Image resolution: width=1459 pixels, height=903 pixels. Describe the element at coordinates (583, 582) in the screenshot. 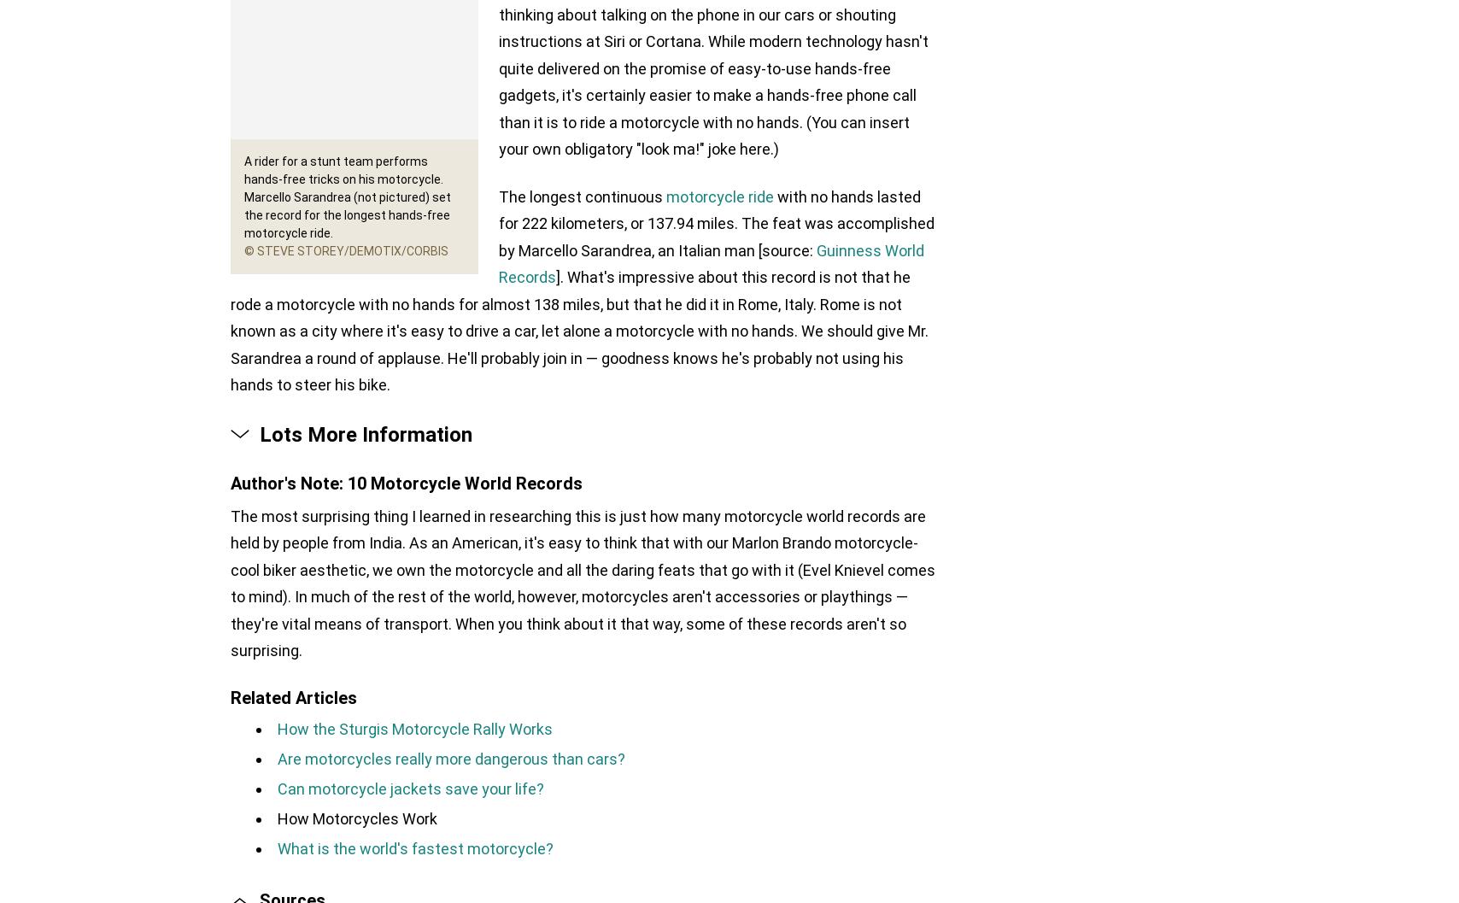

I see `'The most surprising thing I learned in researching this is just how many motorcycle world records are held by people from India. As an American, it's easy to think that with our Marlon Brando motorcycle-cool biker aesthetic, we own the motorcycle and all the daring feats that go with it (Evel Knievel comes to mind). In much of the rest of the world, however, motorcycles aren't accessories or playthings — they're vital means of transport. When you think about it that way, some of these records aren't so surprising.'` at that location.